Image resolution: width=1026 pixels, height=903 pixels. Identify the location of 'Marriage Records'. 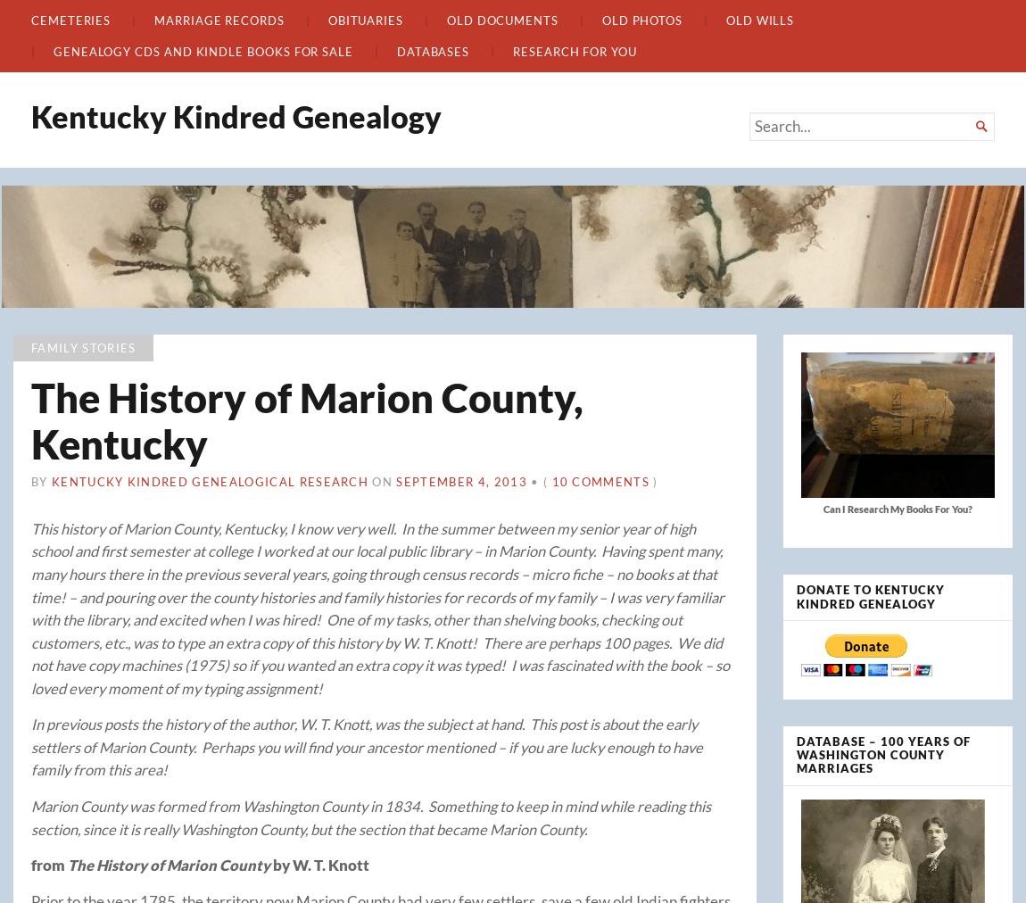
(218, 18).